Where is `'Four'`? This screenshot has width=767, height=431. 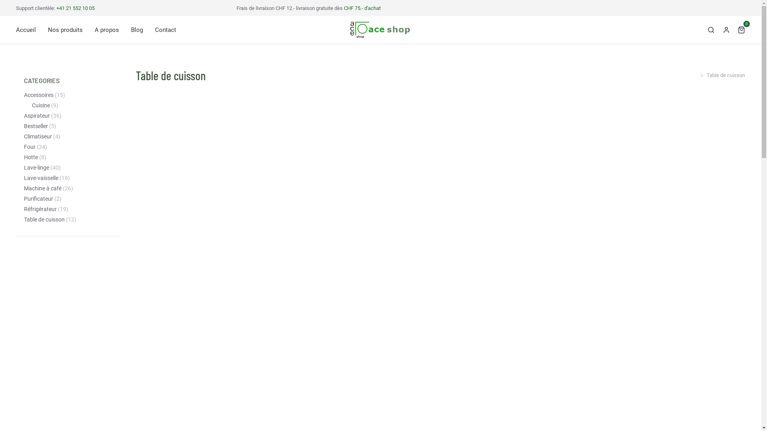 'Four' is located at coordinates (30, 147).